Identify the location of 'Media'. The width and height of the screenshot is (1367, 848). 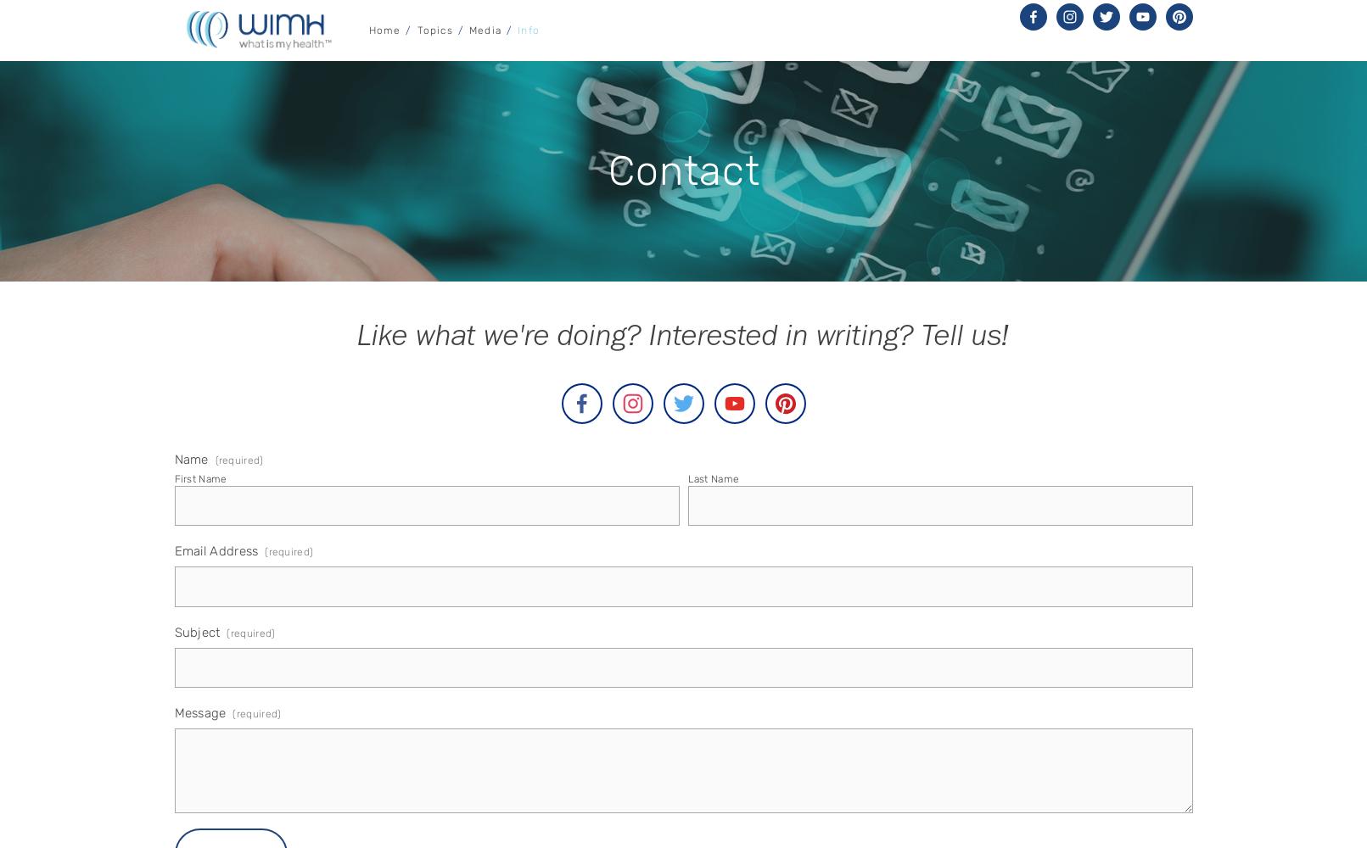
(485, 30).